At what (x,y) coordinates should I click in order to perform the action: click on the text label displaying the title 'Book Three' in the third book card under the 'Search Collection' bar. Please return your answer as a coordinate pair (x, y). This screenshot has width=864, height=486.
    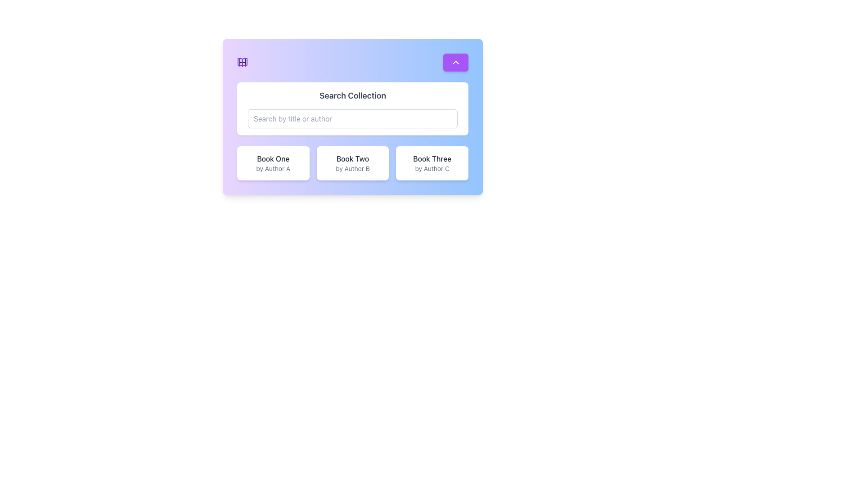
    Looking at the image, I should click on (432, 158).